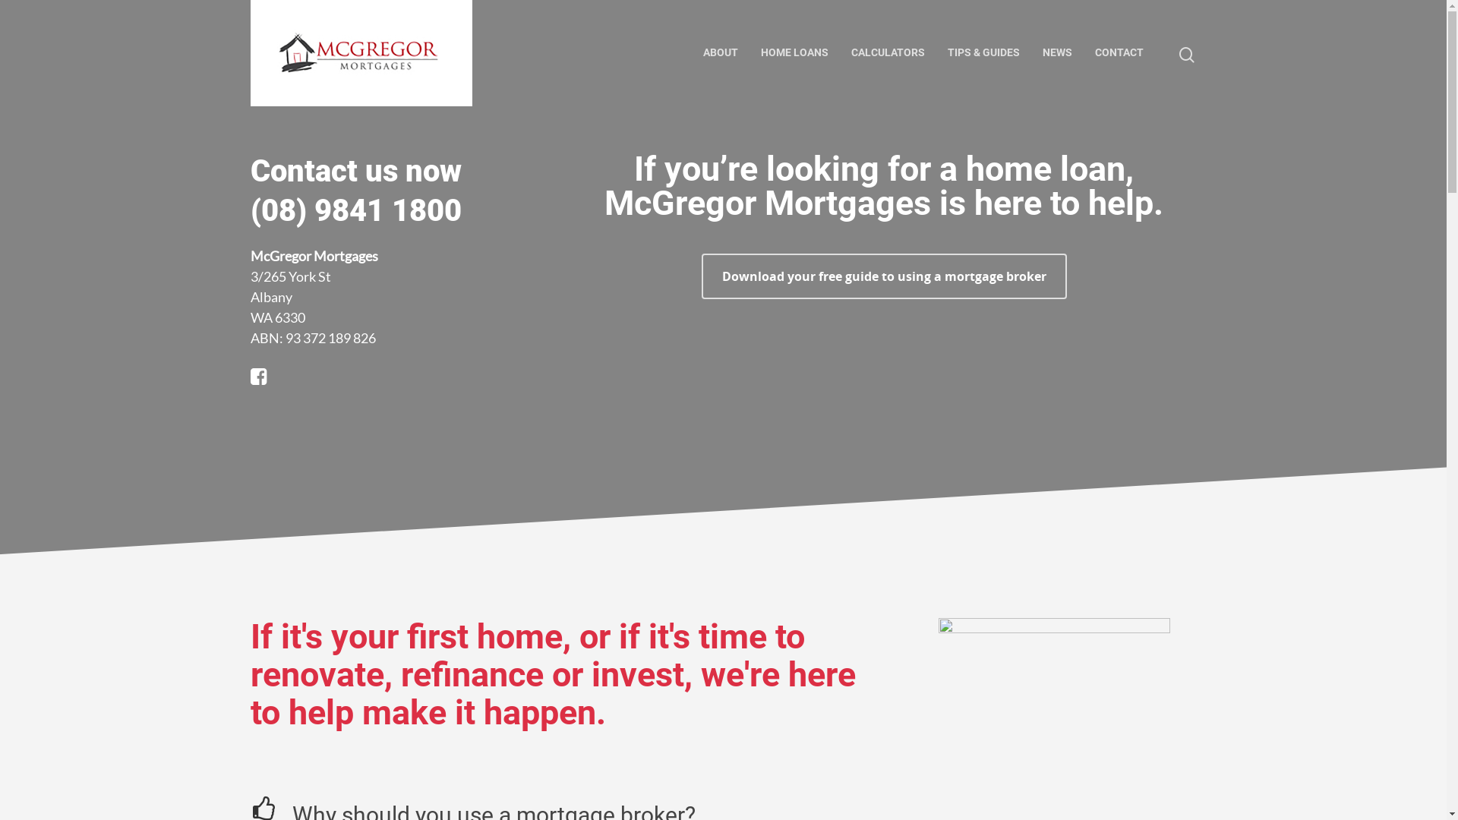 This screenshot has width=1458, height=820. I want to click on 'CONTACT', so click(1094, 52).